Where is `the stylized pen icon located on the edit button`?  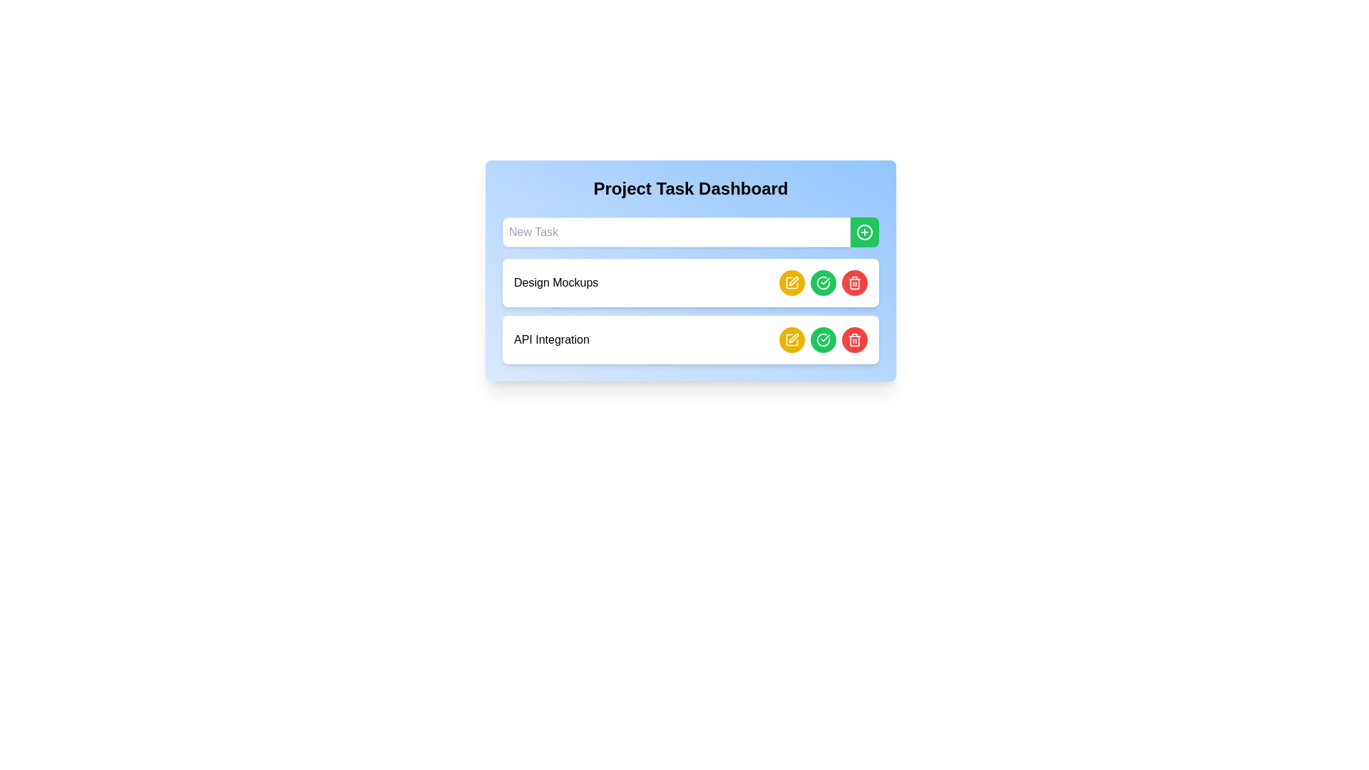
the stylized pen icon located on the edit button is located at coordinates (793, 338).